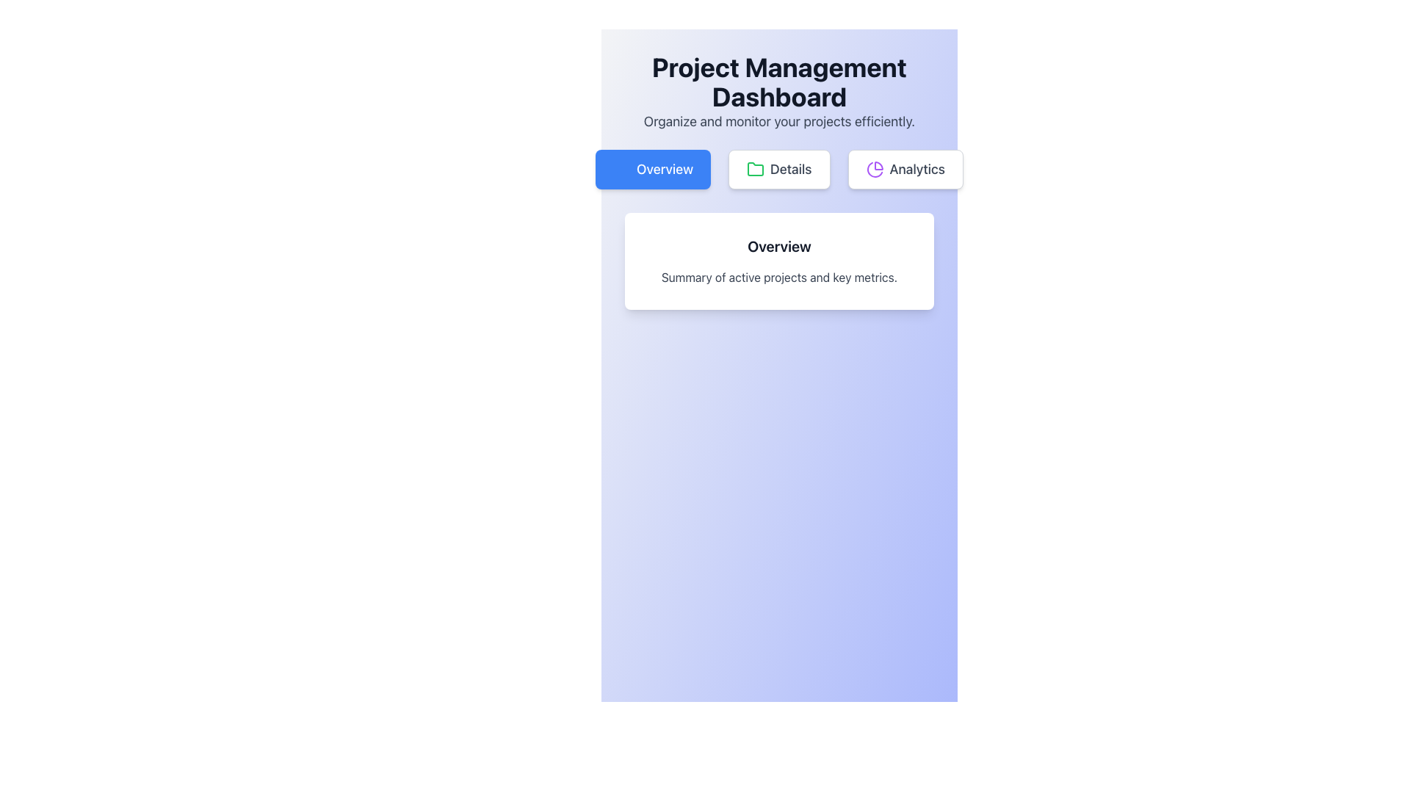 The height and width of the screenshot is (793, 1410). I want to click on the text phrase that states 'Organize and monitor your projects efficiently' which is styled in medium-large gray font and positioned below the heading 'Project Management Dashboard', so click(778, 120).